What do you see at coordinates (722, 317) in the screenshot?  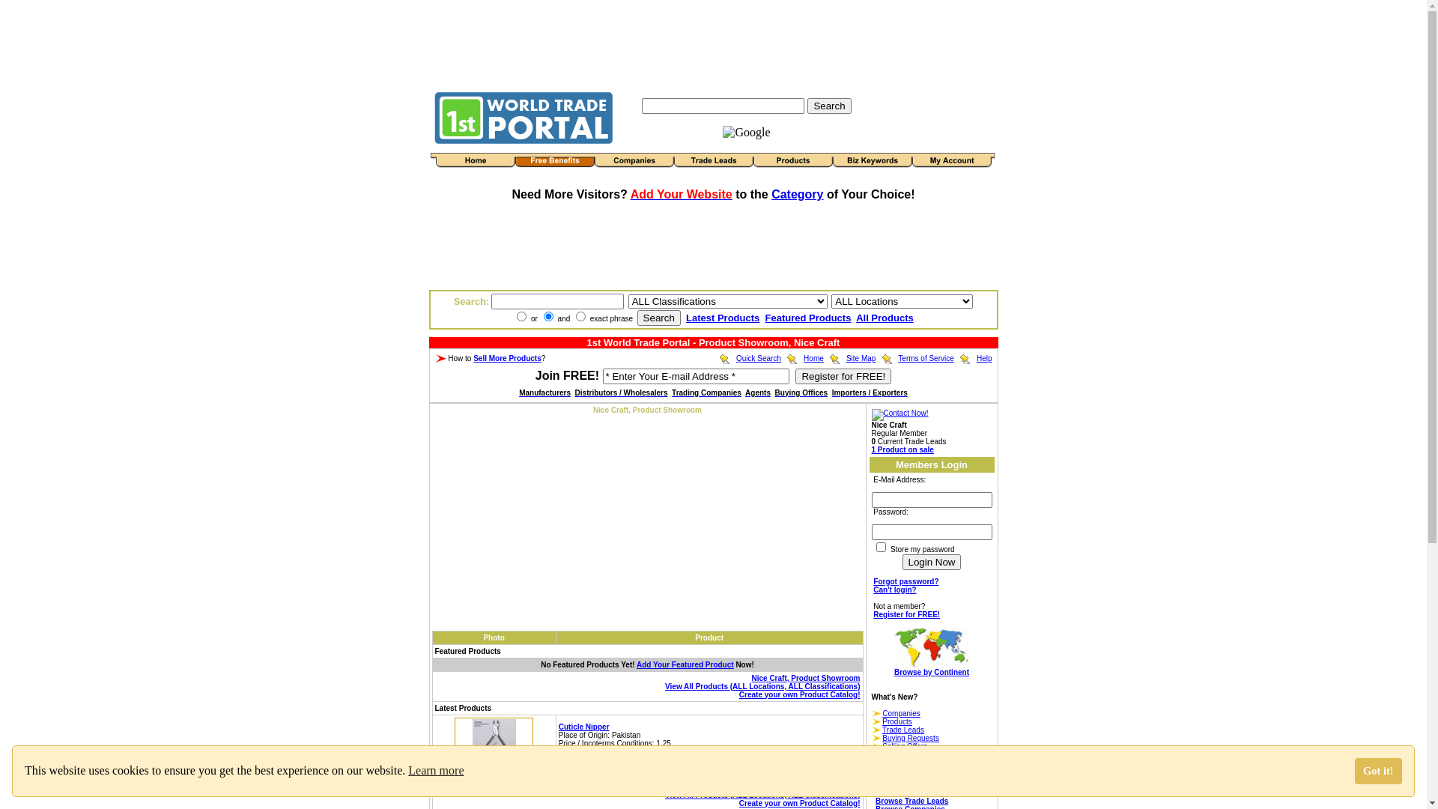 I see `'Latest Products'` at bounding box center [722, 317].